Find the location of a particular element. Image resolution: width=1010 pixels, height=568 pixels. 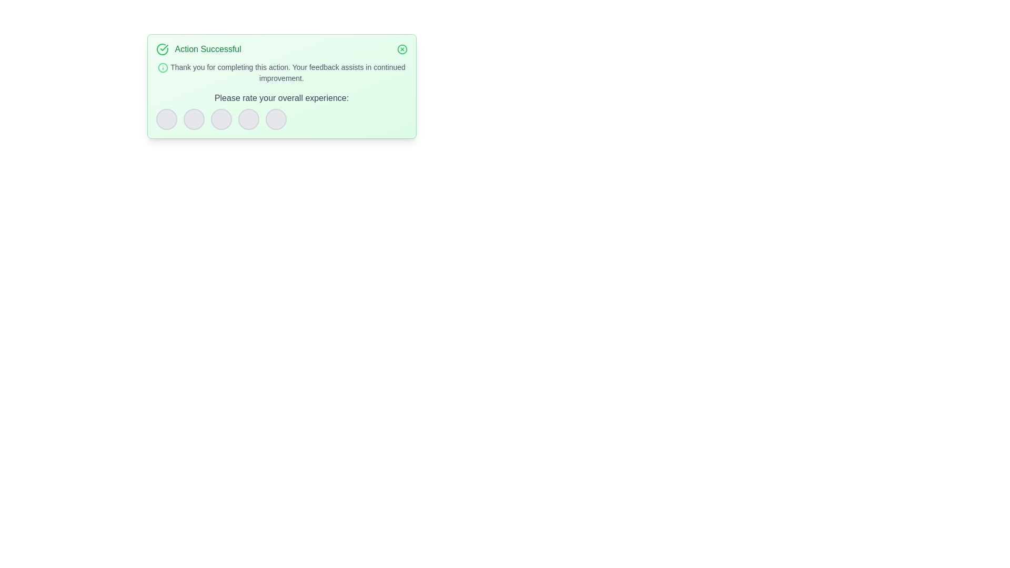

close button to dismiss the alert is located at coordinates (401, 49).